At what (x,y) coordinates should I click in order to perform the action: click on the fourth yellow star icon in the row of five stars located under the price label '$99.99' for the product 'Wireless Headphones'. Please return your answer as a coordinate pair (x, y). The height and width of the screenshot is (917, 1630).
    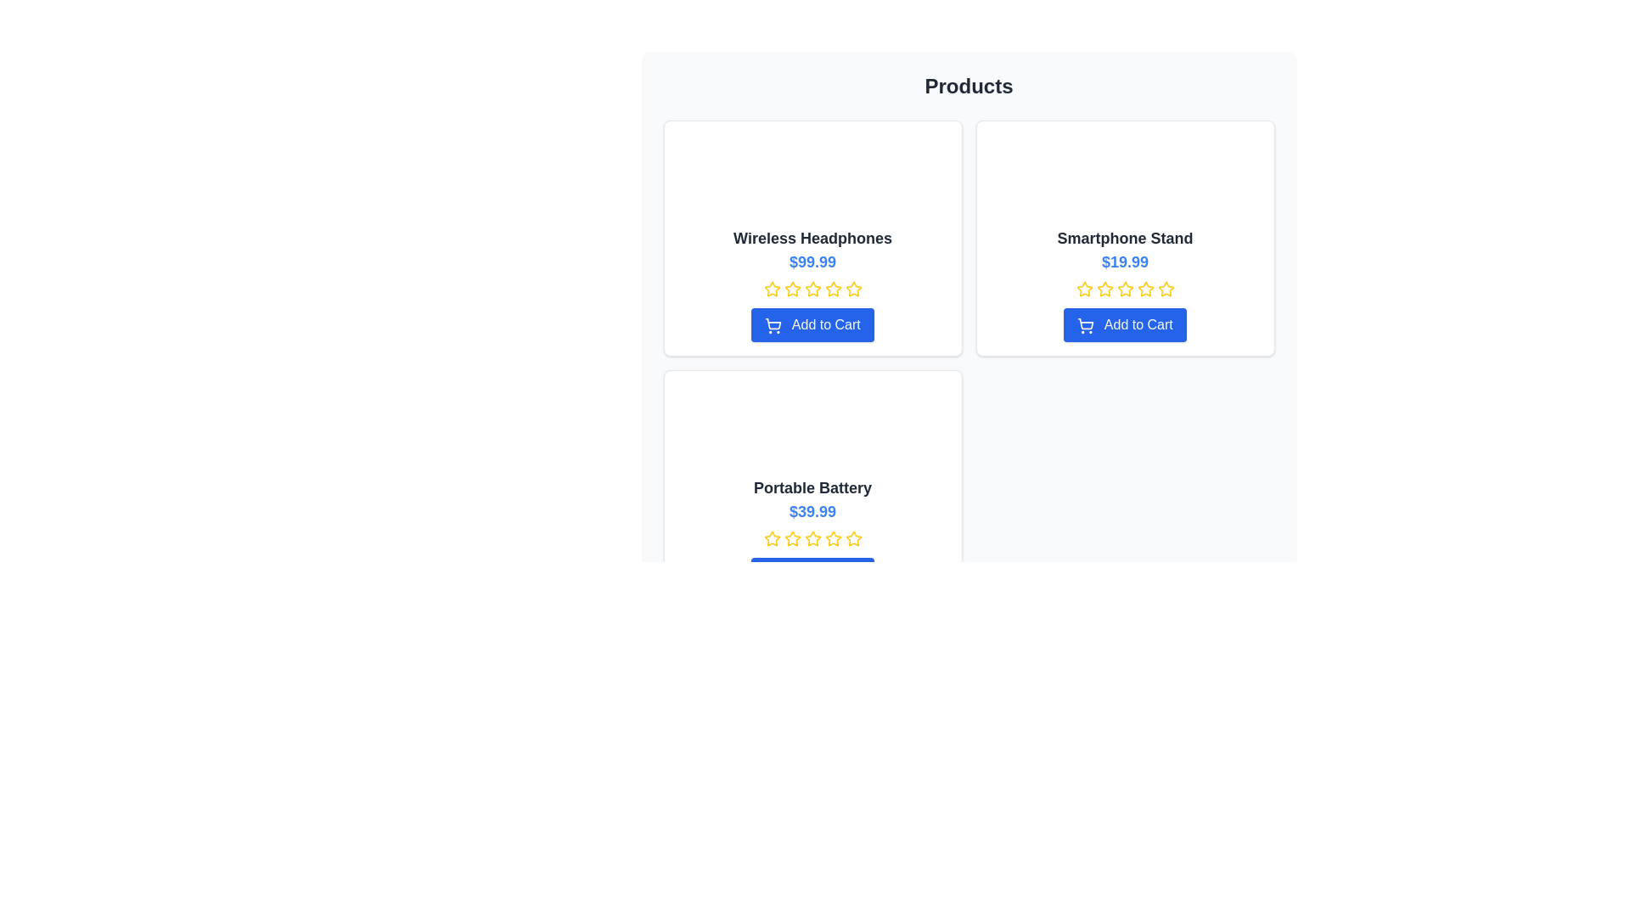
    Looking at the image, I should click on (812, 288).